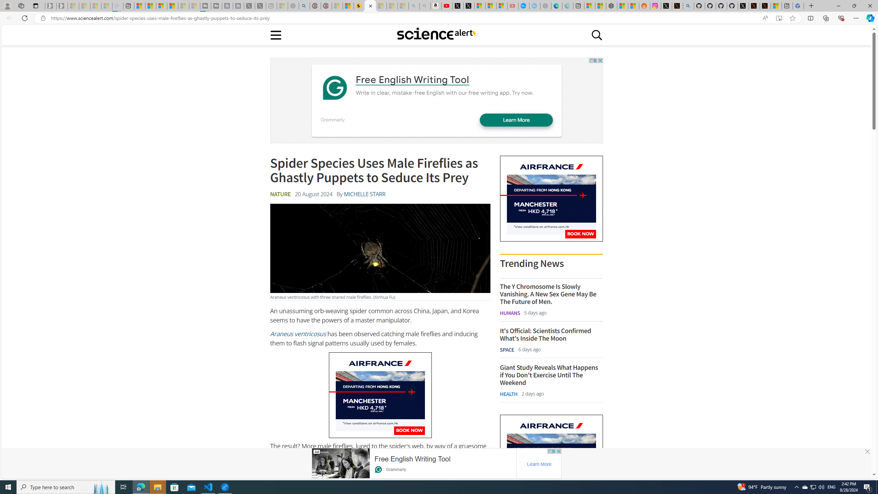 This screenshot has height=494, width=878. I want to click on 'Overview', so click(162, 5).